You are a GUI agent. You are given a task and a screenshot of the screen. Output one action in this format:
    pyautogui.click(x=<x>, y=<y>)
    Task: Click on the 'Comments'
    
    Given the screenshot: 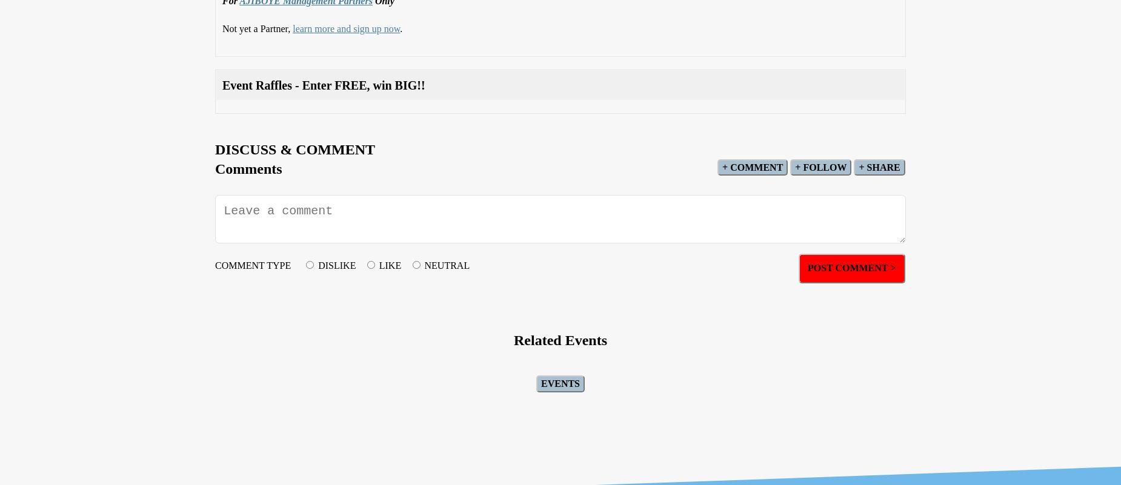 What is the action you would take?
    pyautogui.click(x=215, y=168)
    